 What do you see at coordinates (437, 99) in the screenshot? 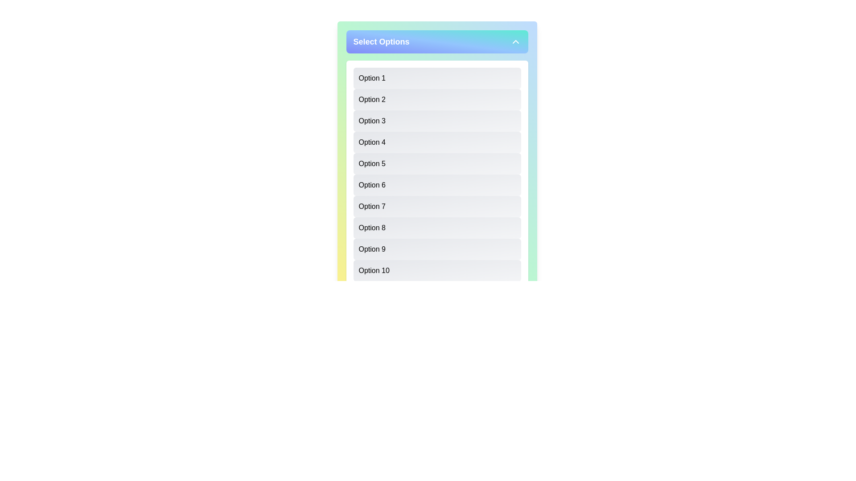
I see `the second item in the vertically aligned selection list` at bounding box center [437, 99].